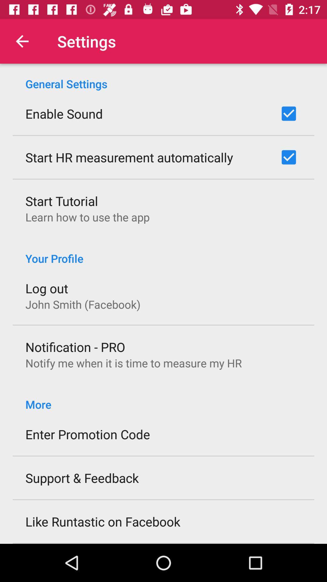 The width and height of the screenshot is (327, 582). What do you see at coordinates (163, 398) in the screenshot?
I see `the icon above the enter promotion code item` at bounding box center [163, 398].